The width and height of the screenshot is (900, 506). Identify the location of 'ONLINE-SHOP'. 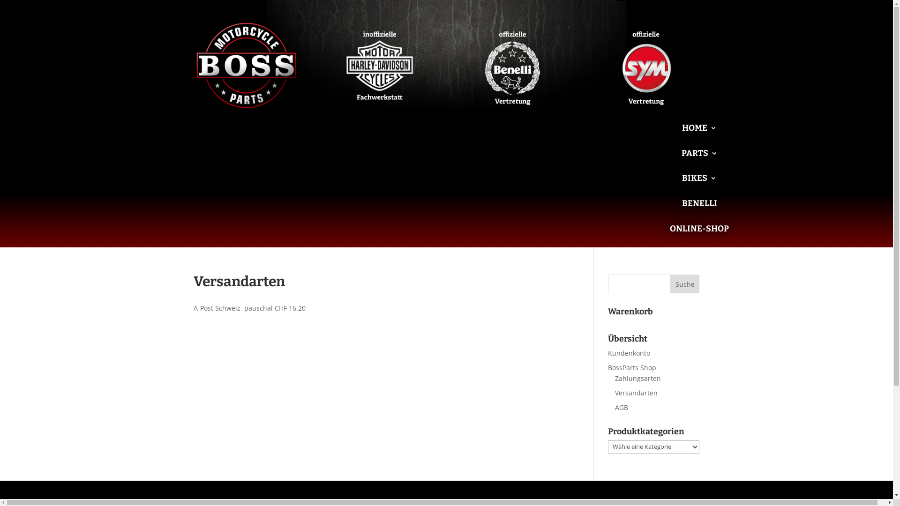
(699, 235).